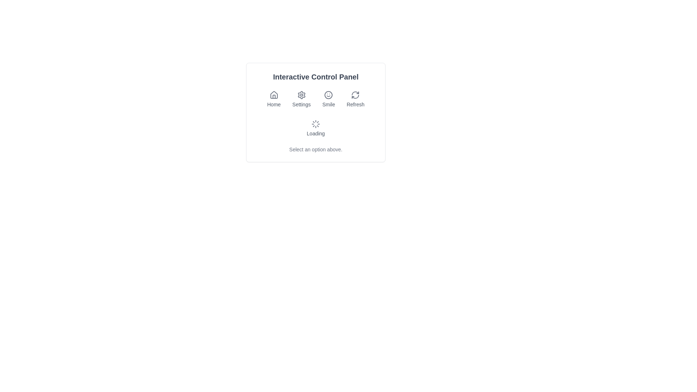  What do you see at coordinates (328, 99) in the screenshot?
I see `the 'Smile' interactive button located in the control panel` at bounding box center [328, 99].